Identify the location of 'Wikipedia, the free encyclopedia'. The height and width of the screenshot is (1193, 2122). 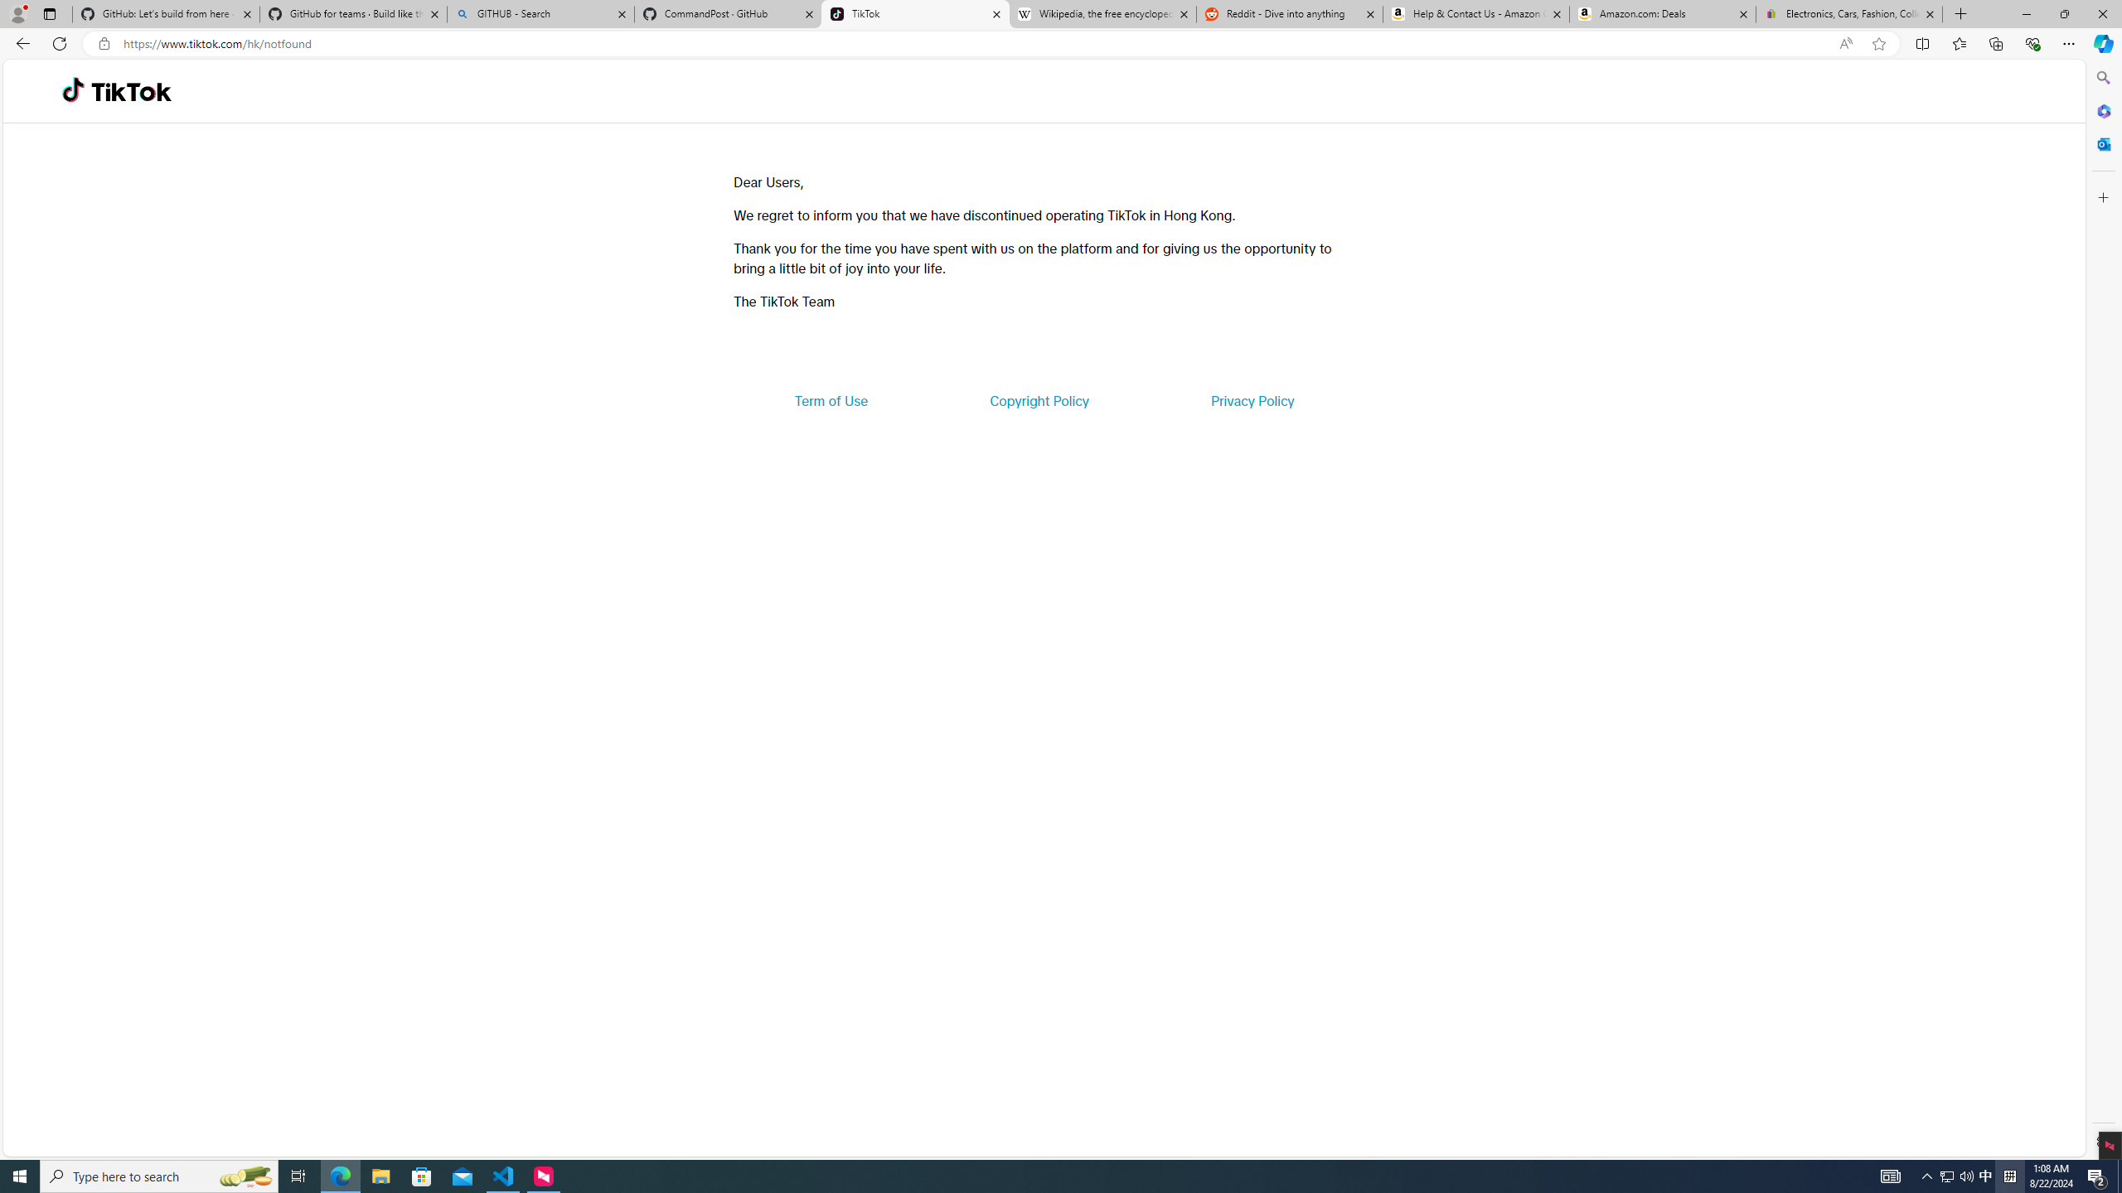
(1101, 13).